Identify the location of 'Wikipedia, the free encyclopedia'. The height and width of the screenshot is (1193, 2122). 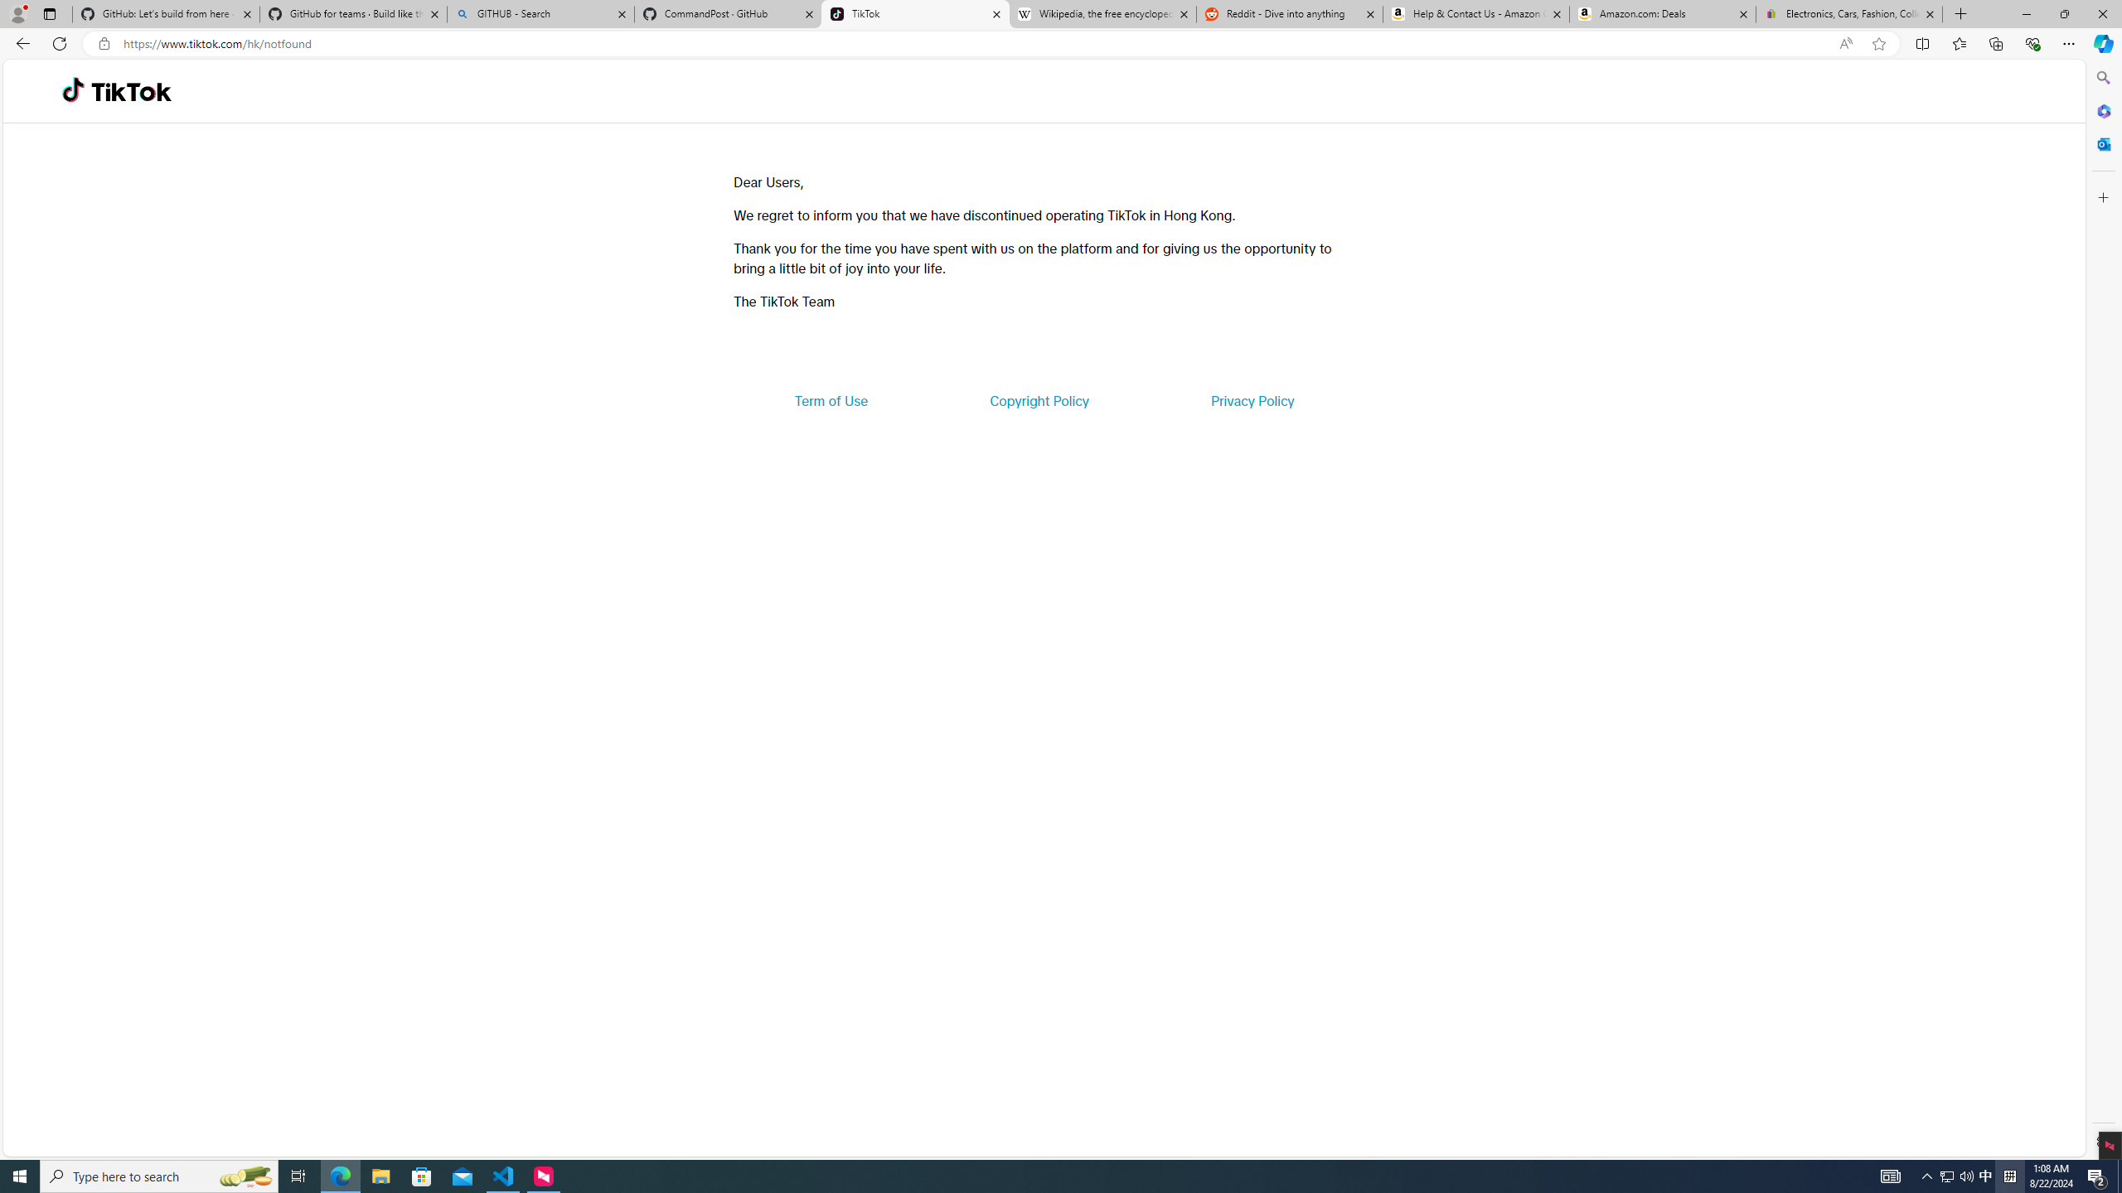
(1101, 13).